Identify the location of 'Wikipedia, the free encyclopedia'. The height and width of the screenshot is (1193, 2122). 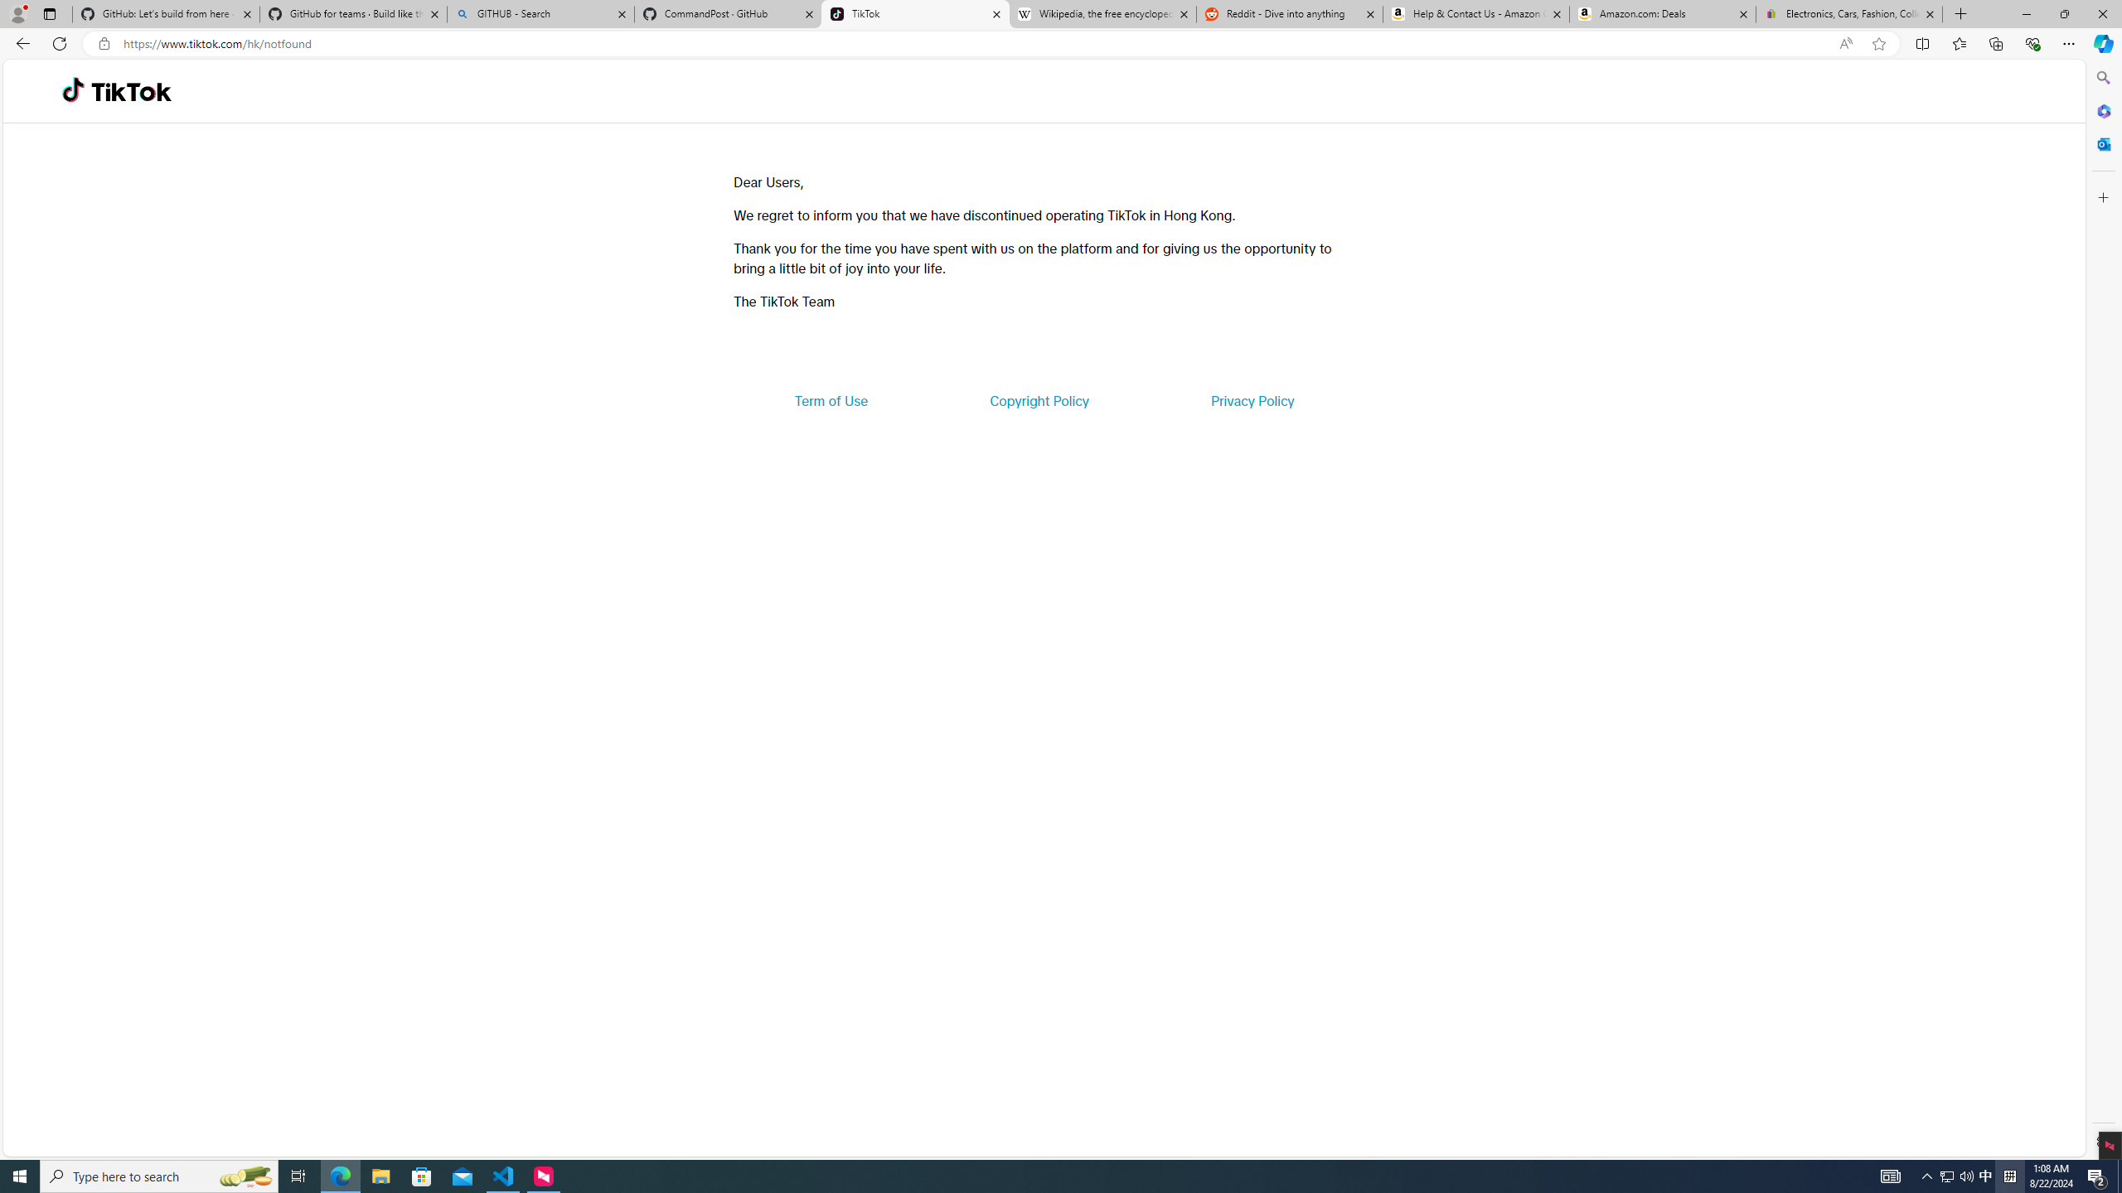
(1101, 13).